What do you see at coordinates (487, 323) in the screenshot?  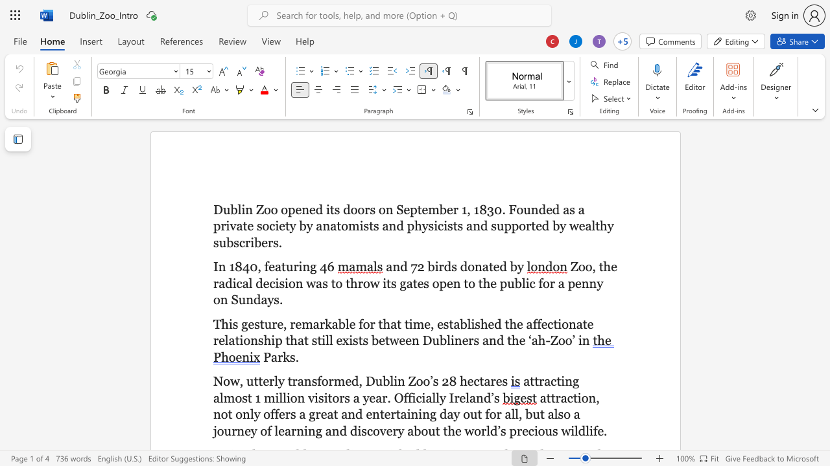 I see `the space between the continuous character "h" and "e" in the text` at bounding box center [487, 323].